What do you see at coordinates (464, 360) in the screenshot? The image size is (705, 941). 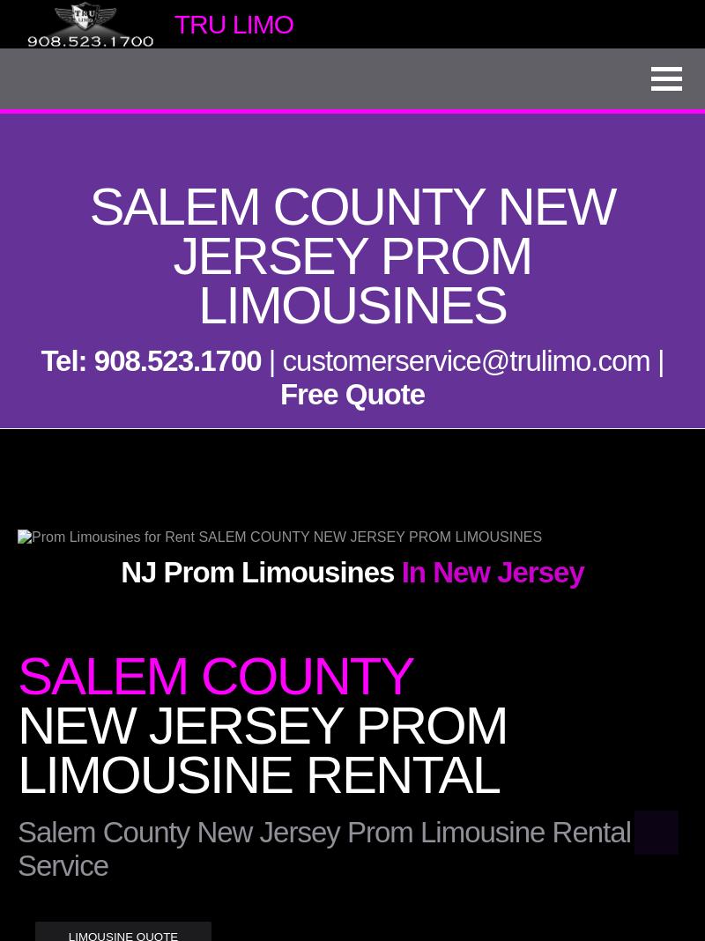 I see `'customerservice@trulimo.com'` at bounding box center [464, 360].